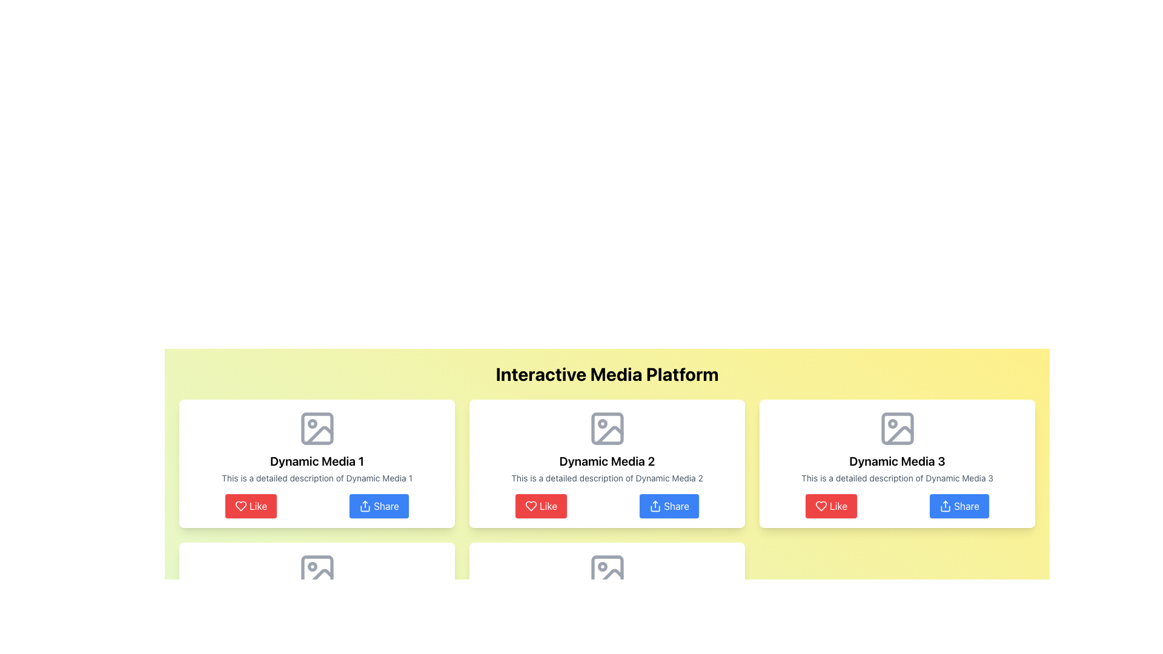  I want to click on the circular graphical detail in the SVG image icon within the media card titled 'Dynamic Media 2', located near the top-left quadrant, so click(602, 567).